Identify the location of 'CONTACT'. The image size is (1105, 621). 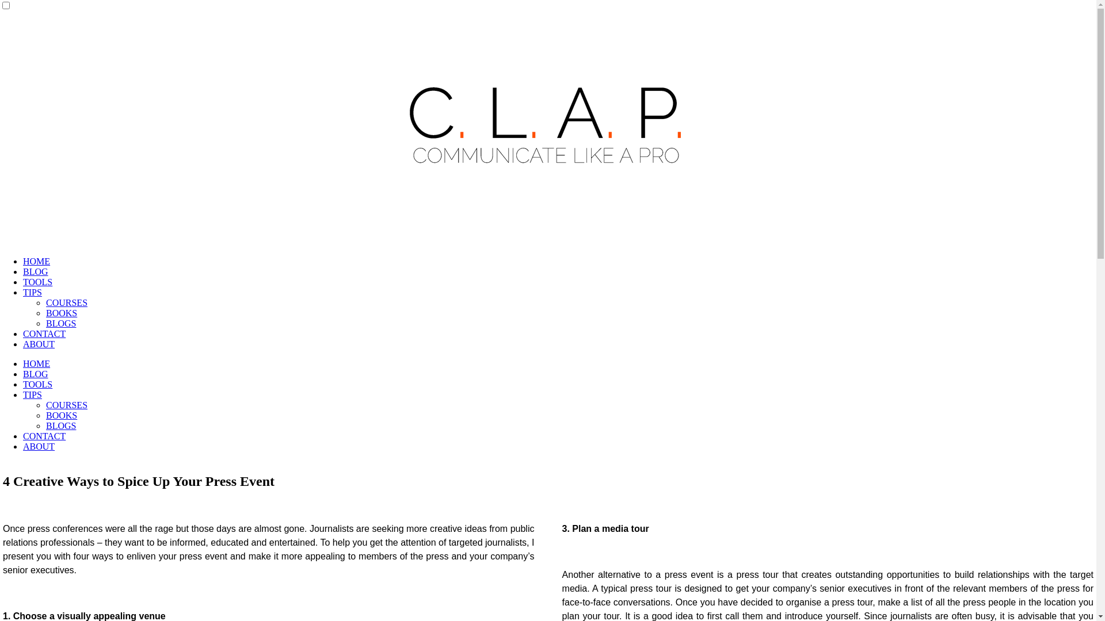
(44, 436).